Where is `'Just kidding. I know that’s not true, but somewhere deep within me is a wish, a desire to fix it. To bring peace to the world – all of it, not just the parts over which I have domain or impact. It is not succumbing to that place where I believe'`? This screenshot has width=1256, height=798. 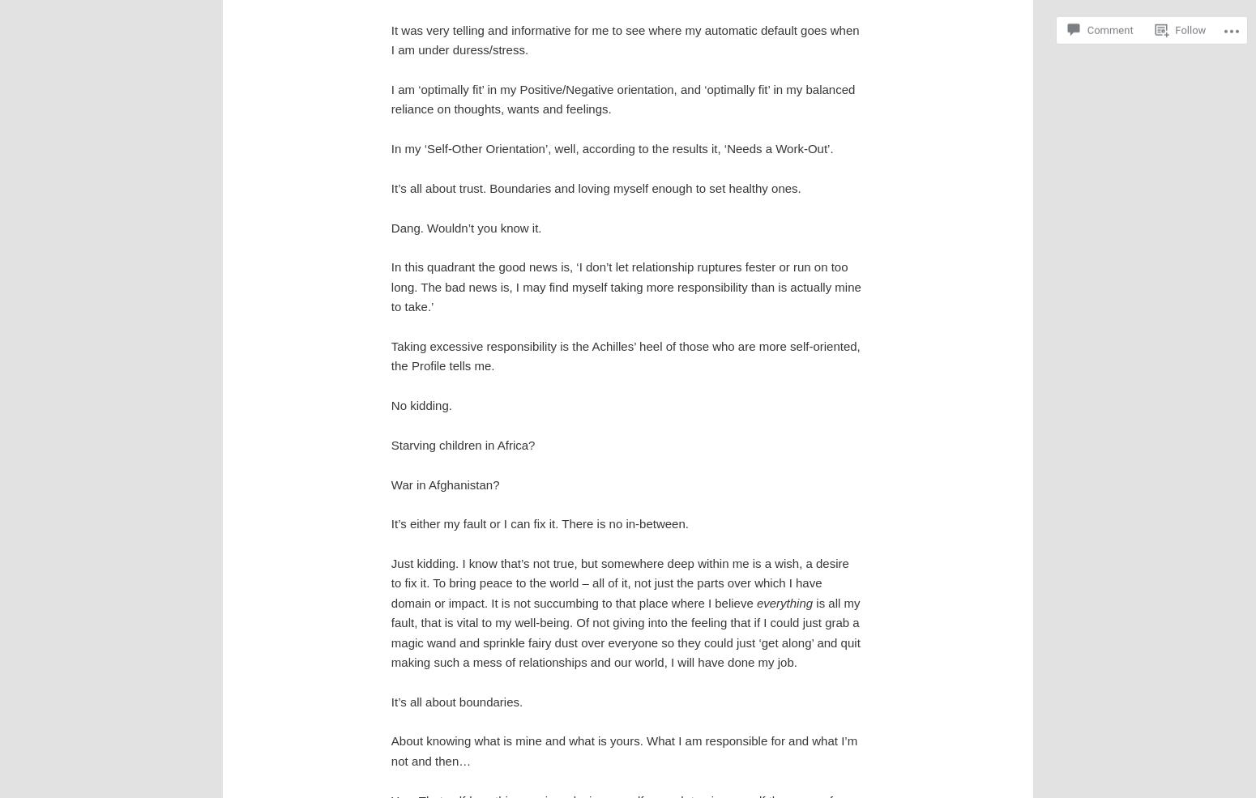
'Just kidding. I know that’s not true, but somewhere deep within me is a wish, a desire to fix it. To bring peace to the world – all of it, not just the parts over which I have domain or impact. It is not succumbing to that place where I believe' is located at coordinates (619, 582).